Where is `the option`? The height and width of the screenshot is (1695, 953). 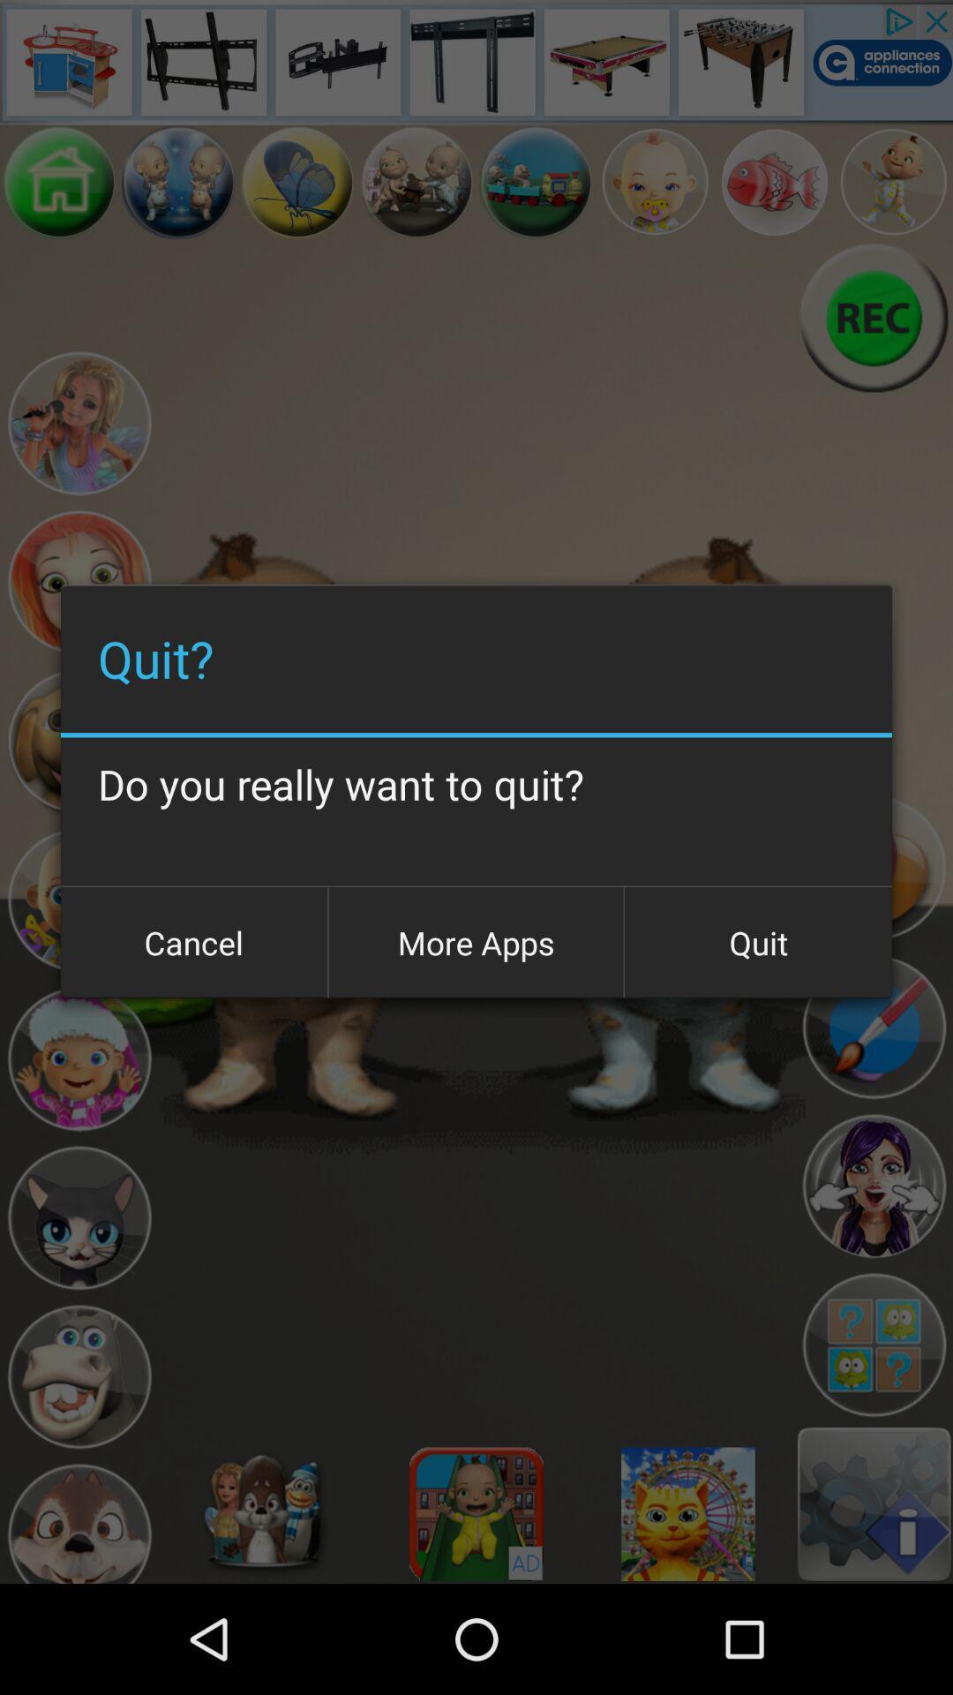 the option is located at coordinates (78, 1059).